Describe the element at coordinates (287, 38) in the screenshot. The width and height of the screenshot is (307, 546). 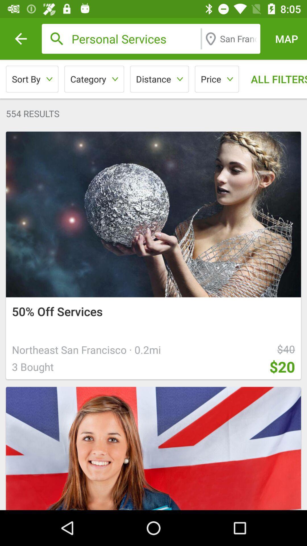
I see `the map item` at that location.